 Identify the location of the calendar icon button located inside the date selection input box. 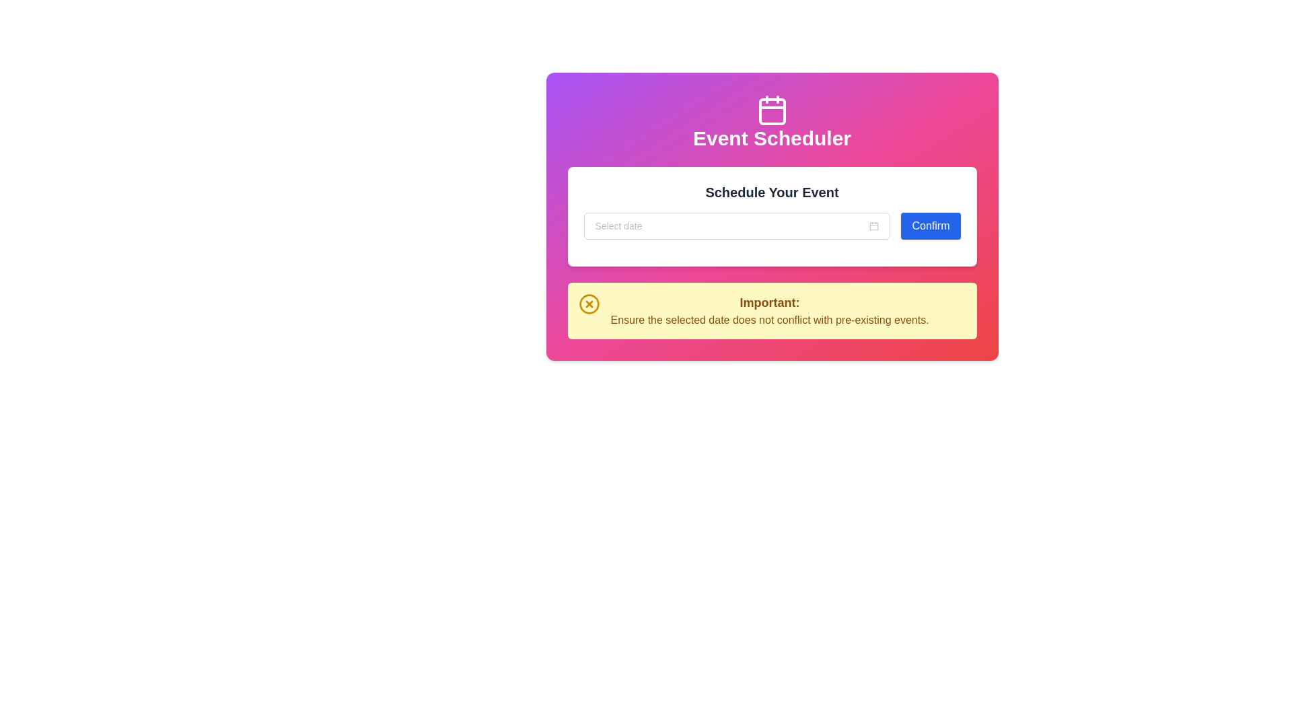
(874, 225).